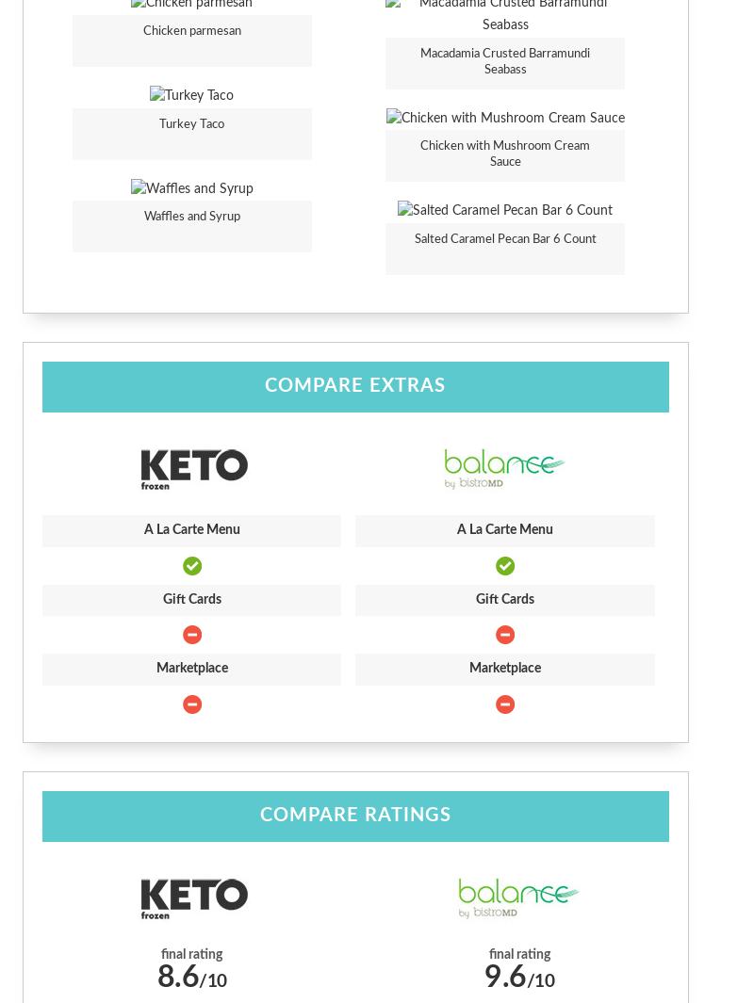  I want to click on 'Chicken with Mushroom Cream Sauce', so click(505, 154).